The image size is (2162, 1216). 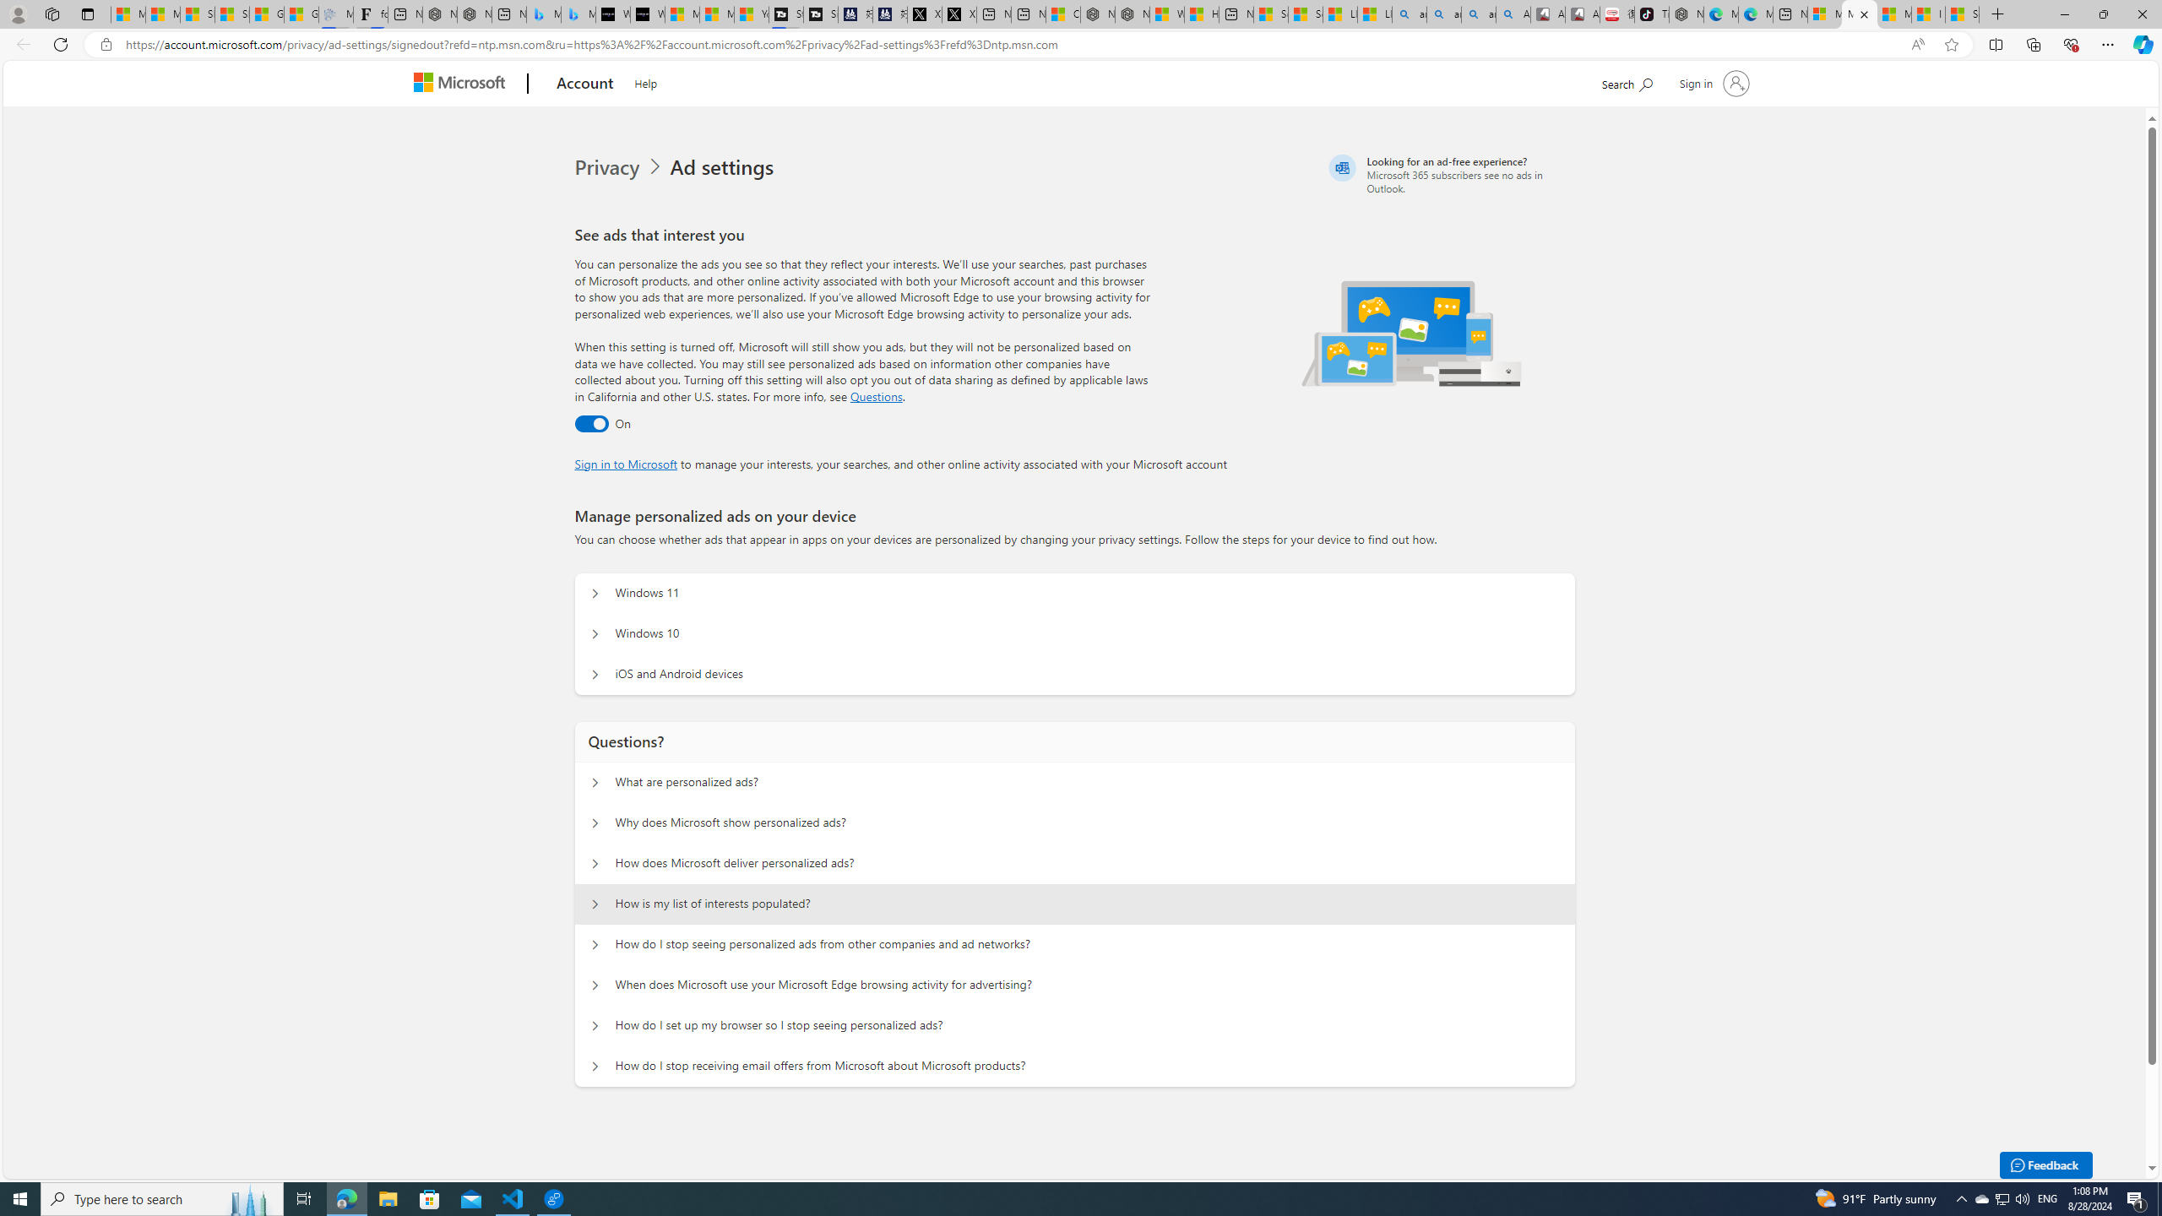 I want to click on 'Privacy', so click(x=621, y=167).